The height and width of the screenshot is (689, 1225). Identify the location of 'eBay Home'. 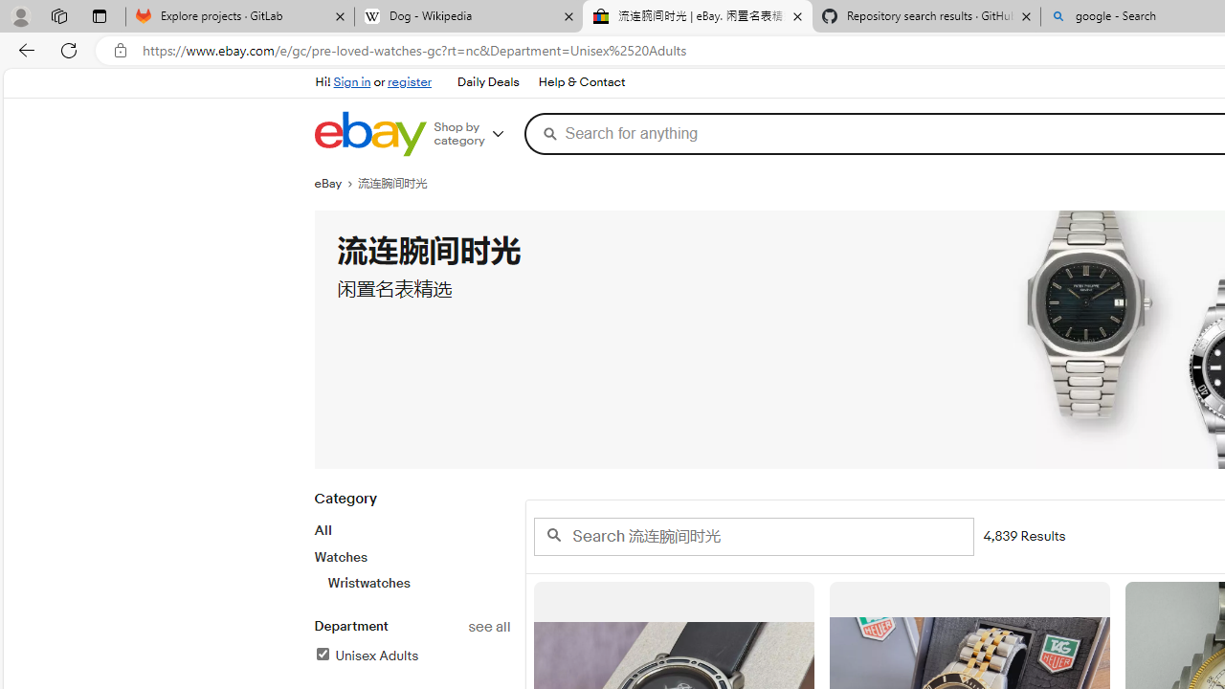
(369, 133).